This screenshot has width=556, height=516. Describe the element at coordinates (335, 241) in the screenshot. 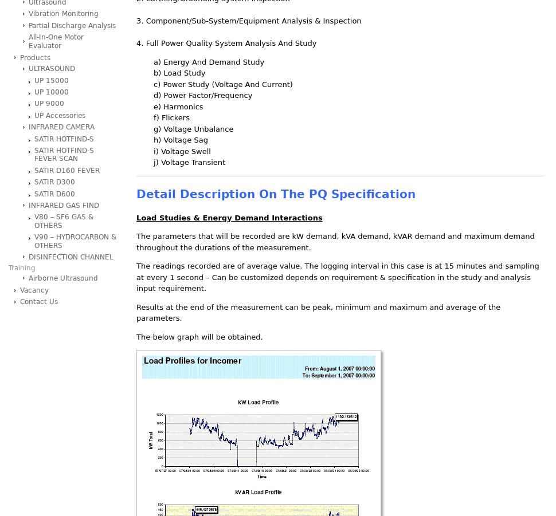

I see `'The parameters that will be recorded are kW demand, kVA demand, kVAR demand and maximum demand throughout the durations of the measurement.'` at that location.